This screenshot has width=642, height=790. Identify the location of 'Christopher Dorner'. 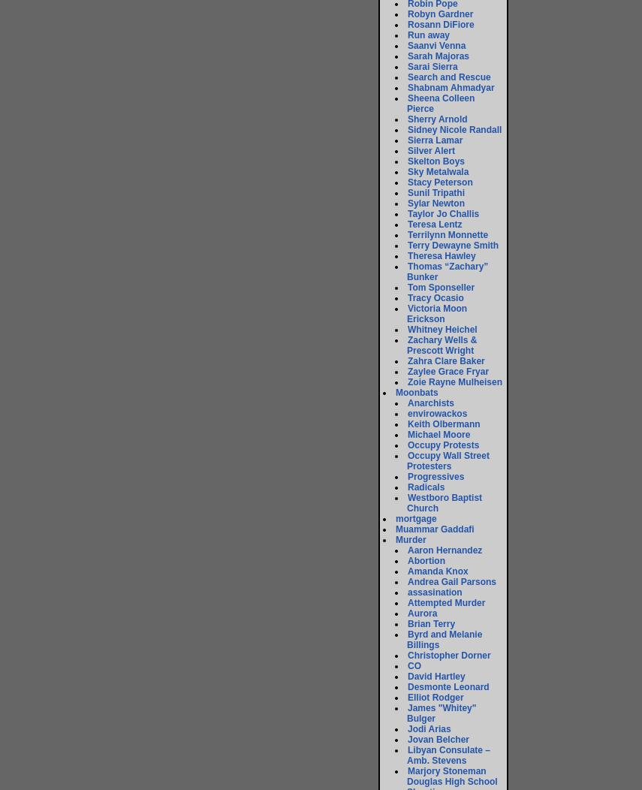
(408, 654).